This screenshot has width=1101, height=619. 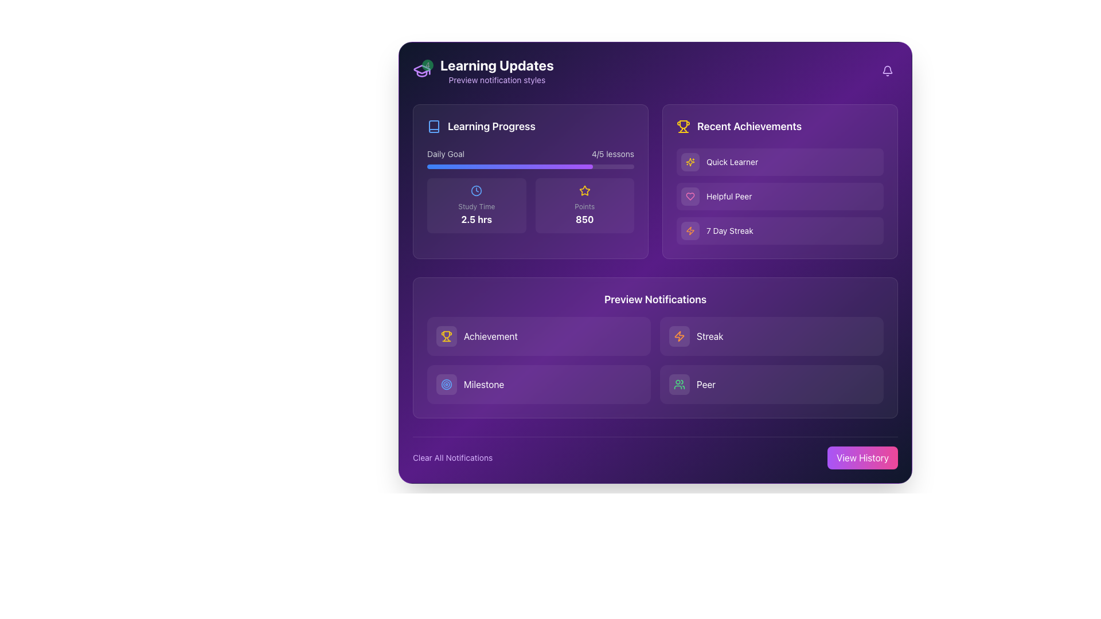 I want to click on visualized data from the Information display panel located at the lower part of the 'Learning Progress' panel, so click(x=530, y=190).